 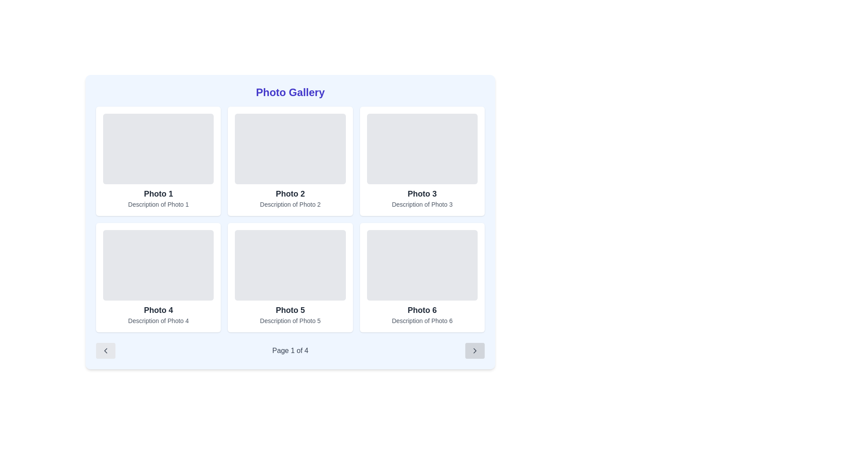 I want to click on the Text Label that provides a title for the fifth photo, positioned in the second row and middle column of the grid layout, so click(x=290, y=310).